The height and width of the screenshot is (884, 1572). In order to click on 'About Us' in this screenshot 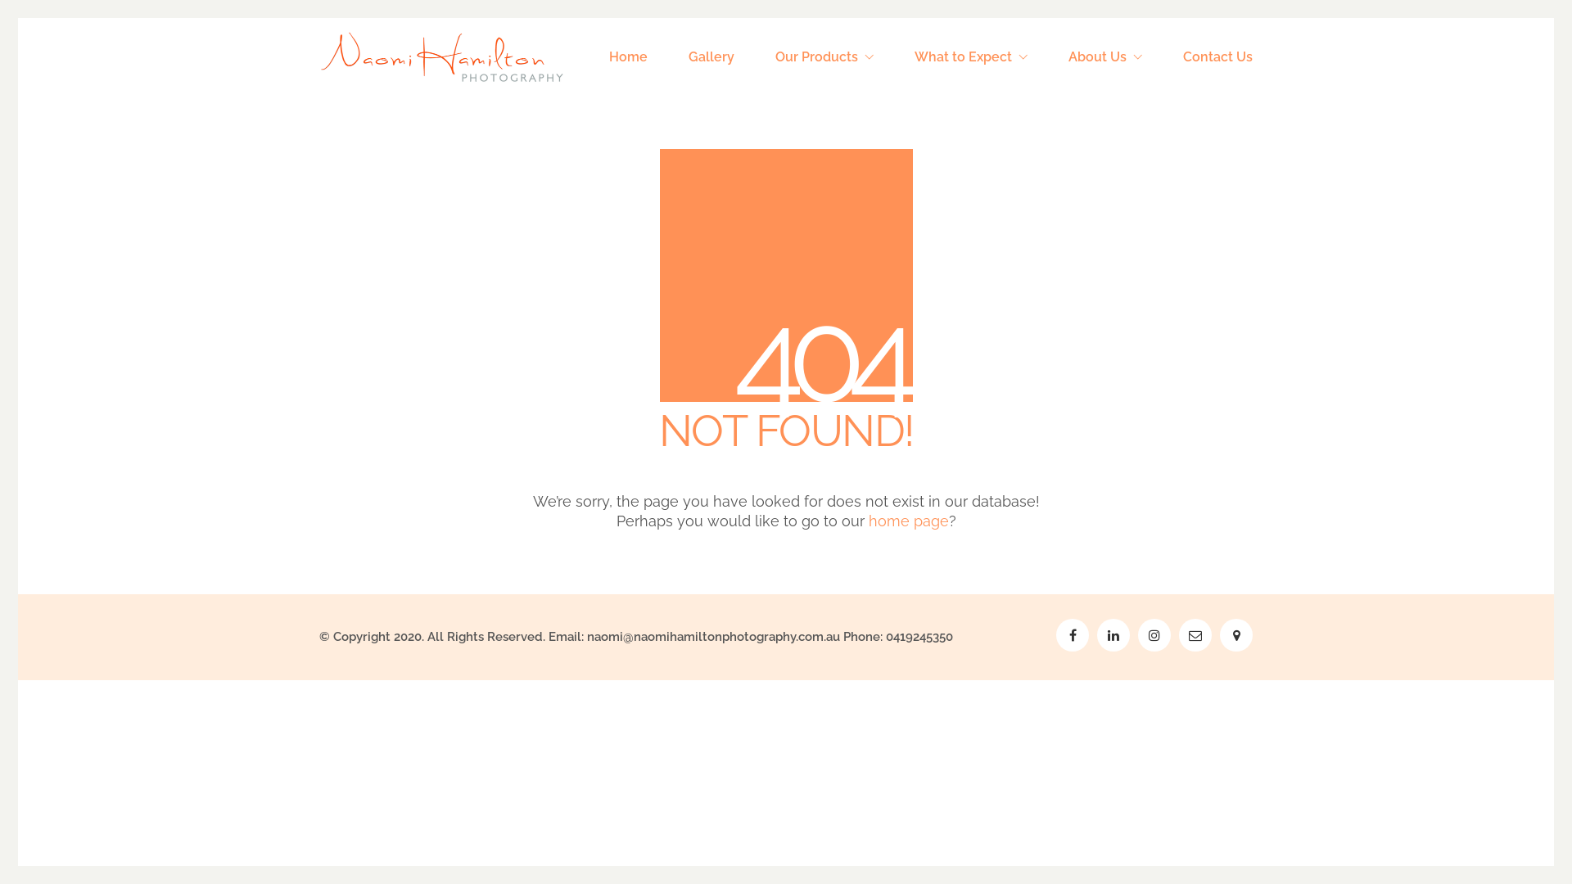, I will do `click(1104, 56)`.